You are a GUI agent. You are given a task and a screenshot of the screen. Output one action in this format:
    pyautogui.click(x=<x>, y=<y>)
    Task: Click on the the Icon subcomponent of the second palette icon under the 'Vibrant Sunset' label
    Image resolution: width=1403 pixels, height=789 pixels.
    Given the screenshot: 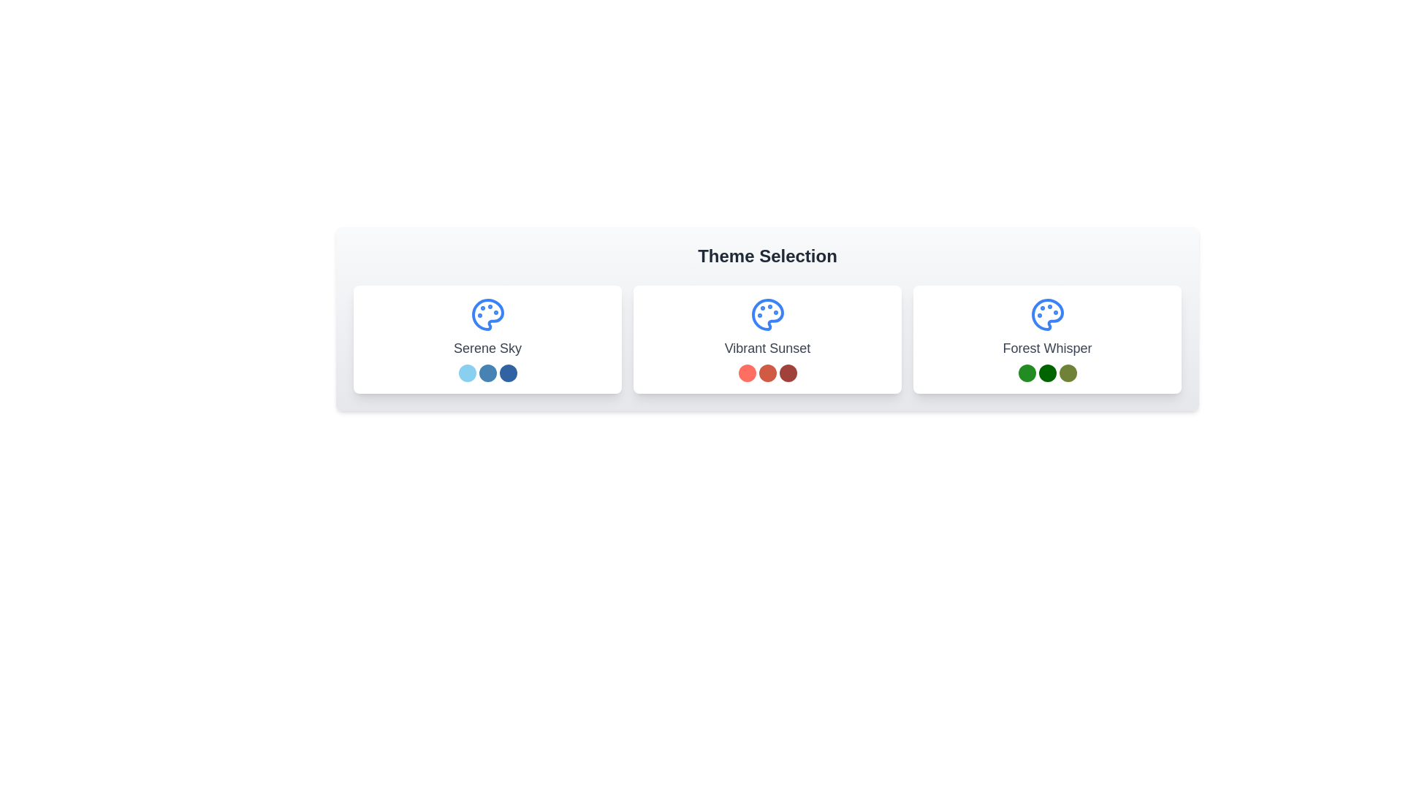 What is the action you would take?
    pyautogui.click(x=767, y=314)
    